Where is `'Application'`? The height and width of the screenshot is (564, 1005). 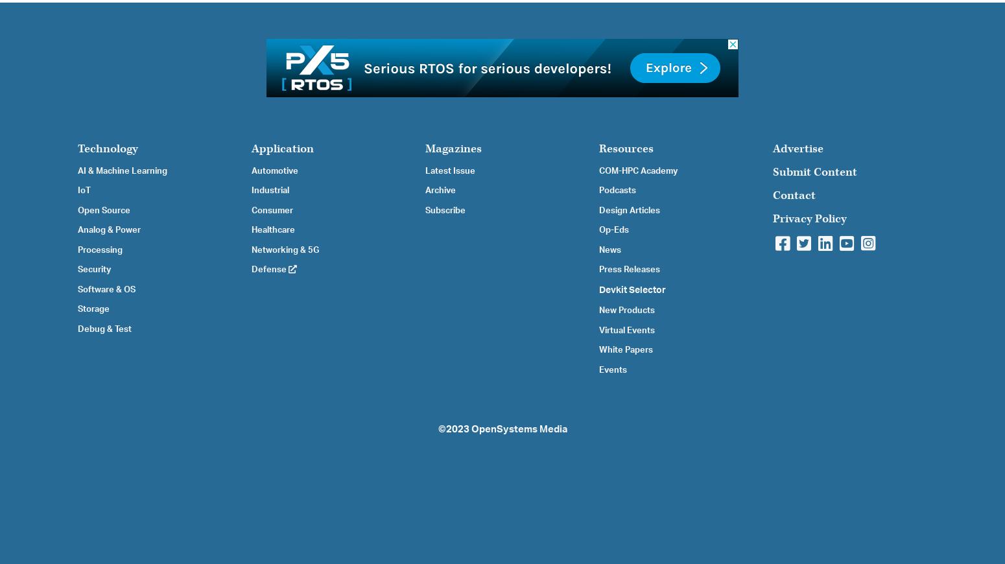
'Application' is located at coordinates (283, 148).